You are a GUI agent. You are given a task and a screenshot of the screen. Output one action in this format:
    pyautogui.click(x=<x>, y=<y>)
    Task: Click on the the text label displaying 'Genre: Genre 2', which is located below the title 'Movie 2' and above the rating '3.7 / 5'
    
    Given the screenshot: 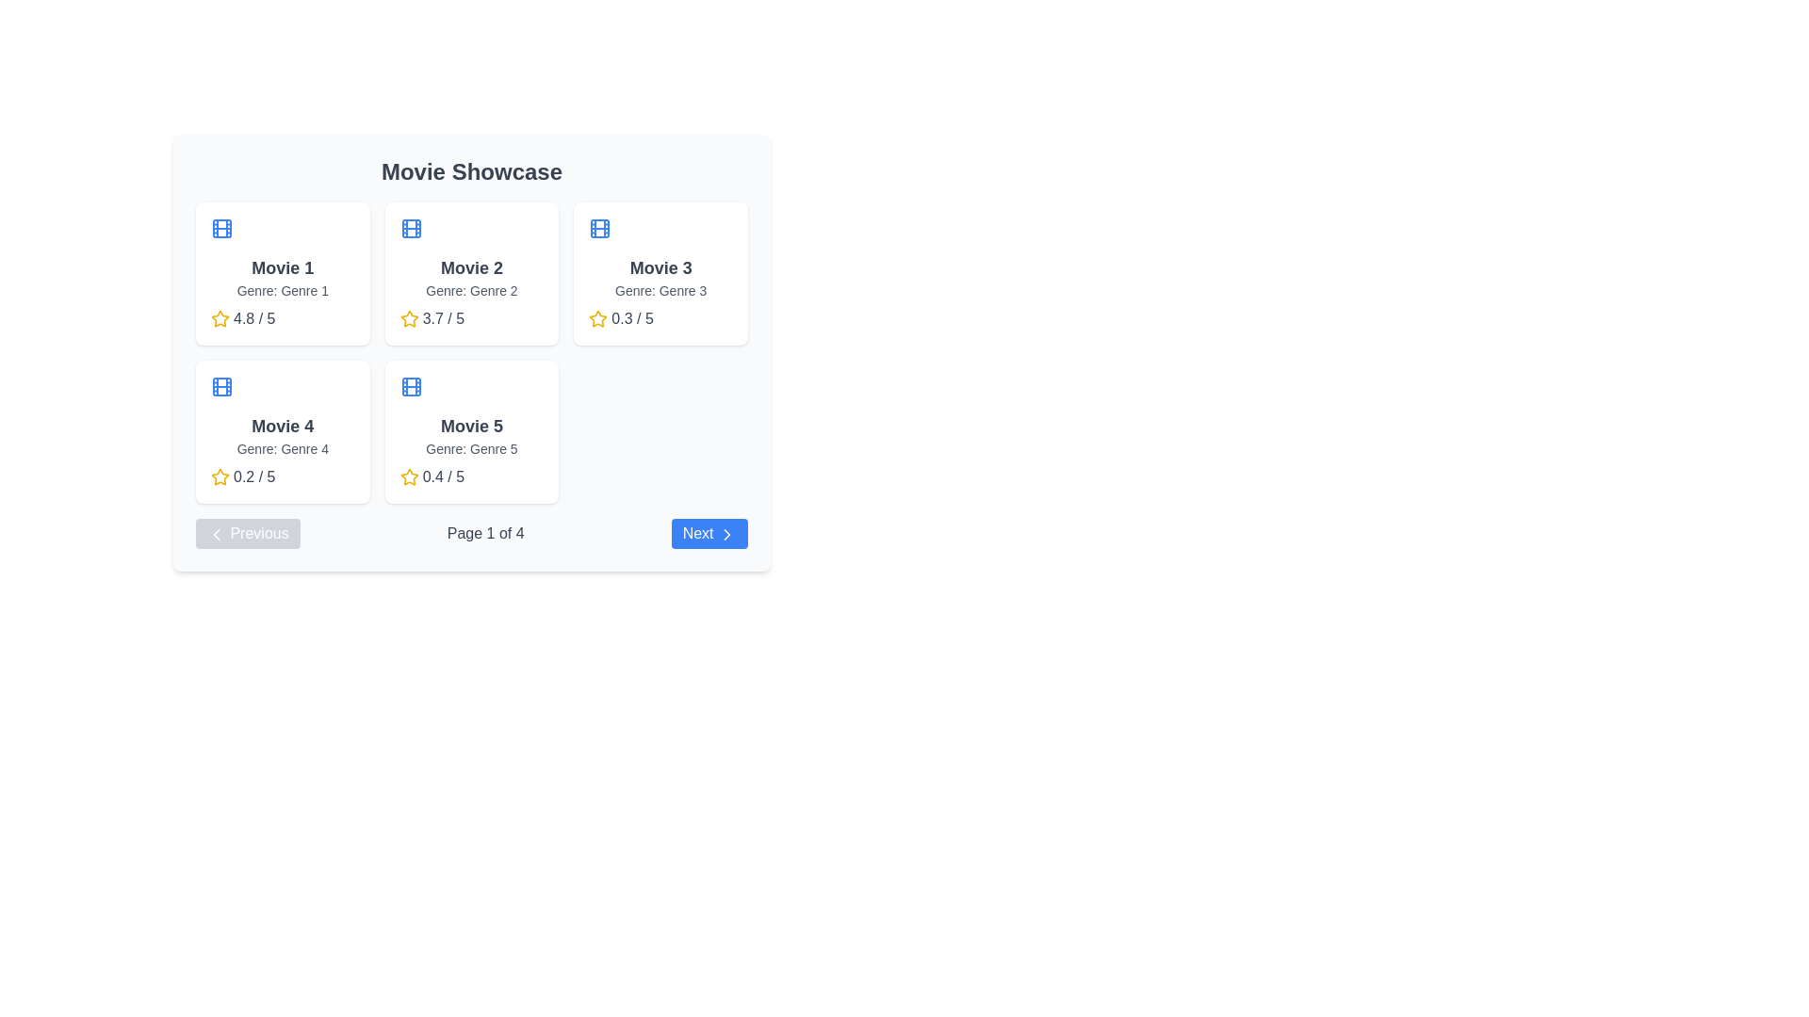 What is the action you would take?
    pyautogui.click(x=471, y=290)
    